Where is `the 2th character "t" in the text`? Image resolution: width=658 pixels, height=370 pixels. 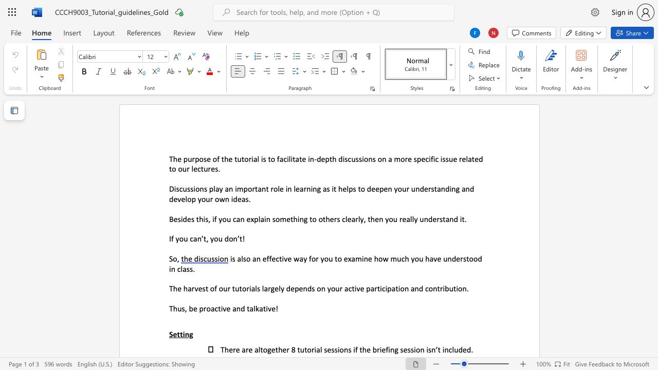 the 2th character "t" in the text is located at coordinates (248, 308).